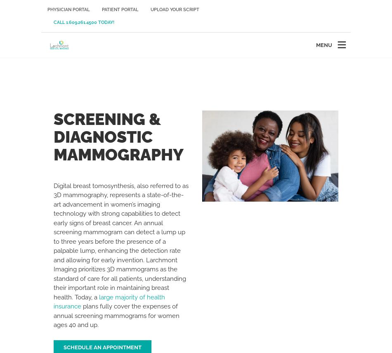 This screenshot has width=392, height=353. Describe the element at coordinates (102, 346) in the screenshot. I see `'Schedule An Appointment'` at that location.